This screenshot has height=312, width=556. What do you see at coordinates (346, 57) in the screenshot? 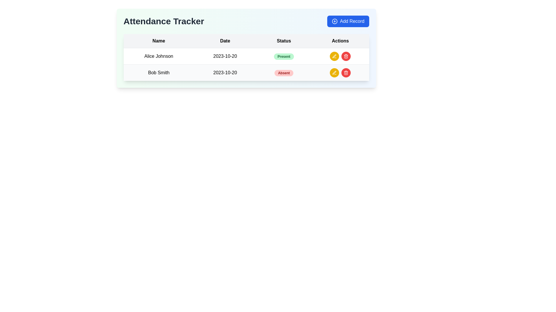
I see `the trash can icon located in the 'Actions' column of the second row, adjacent to the yellow pencil-edit icon` at bounding box center [346, 57].